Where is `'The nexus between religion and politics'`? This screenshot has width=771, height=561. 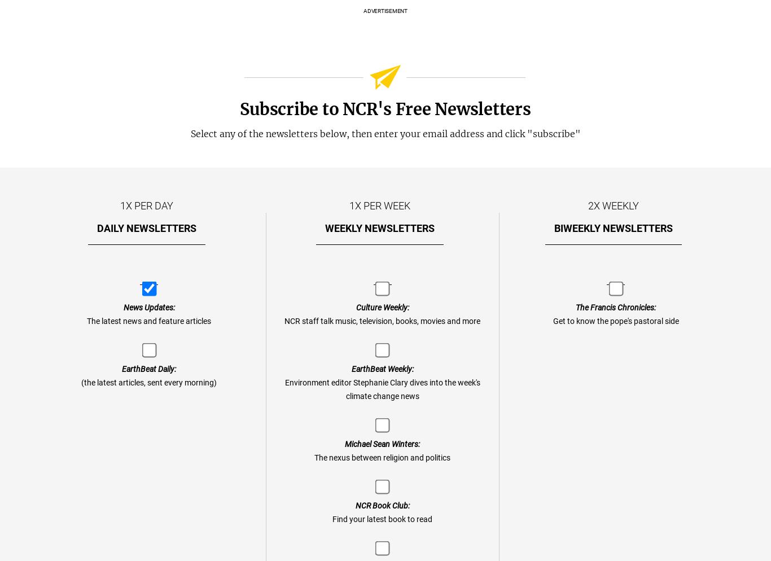
'The nexus between religion and politics' is located at coordinates (382, 458).